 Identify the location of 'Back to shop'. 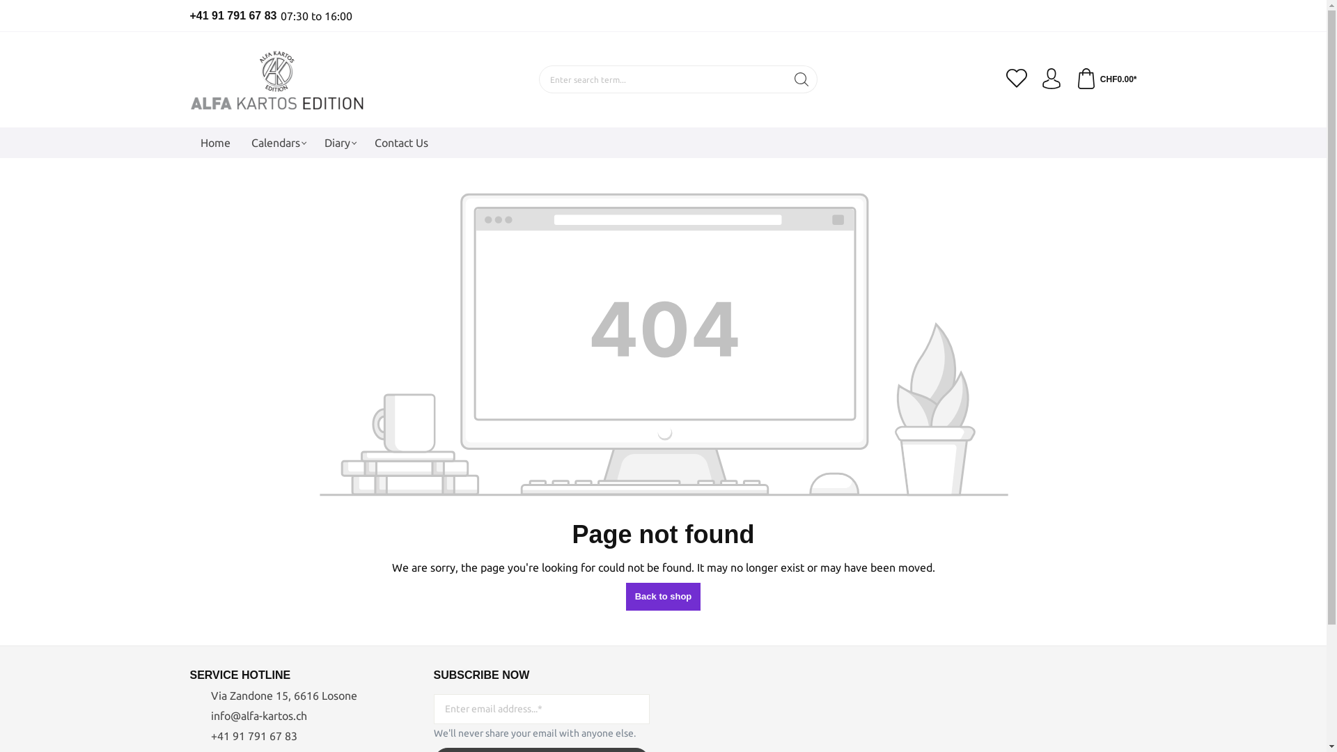
(663, 595).